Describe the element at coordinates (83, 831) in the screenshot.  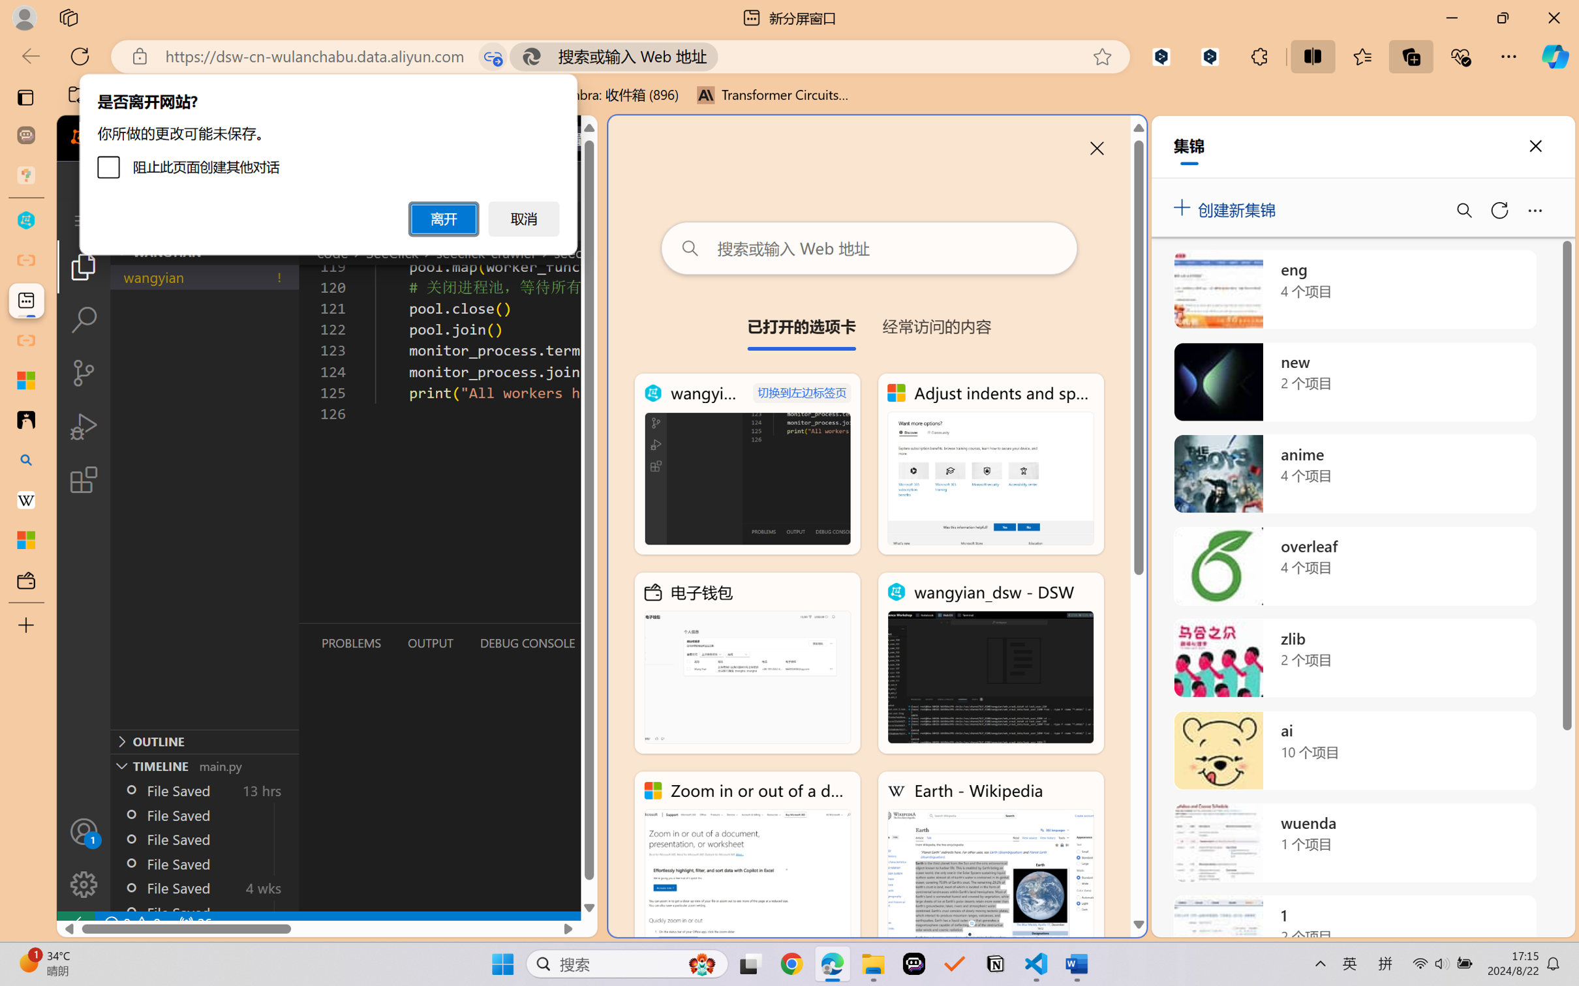
I see `'Accounts - Sign in requested'` at that location.